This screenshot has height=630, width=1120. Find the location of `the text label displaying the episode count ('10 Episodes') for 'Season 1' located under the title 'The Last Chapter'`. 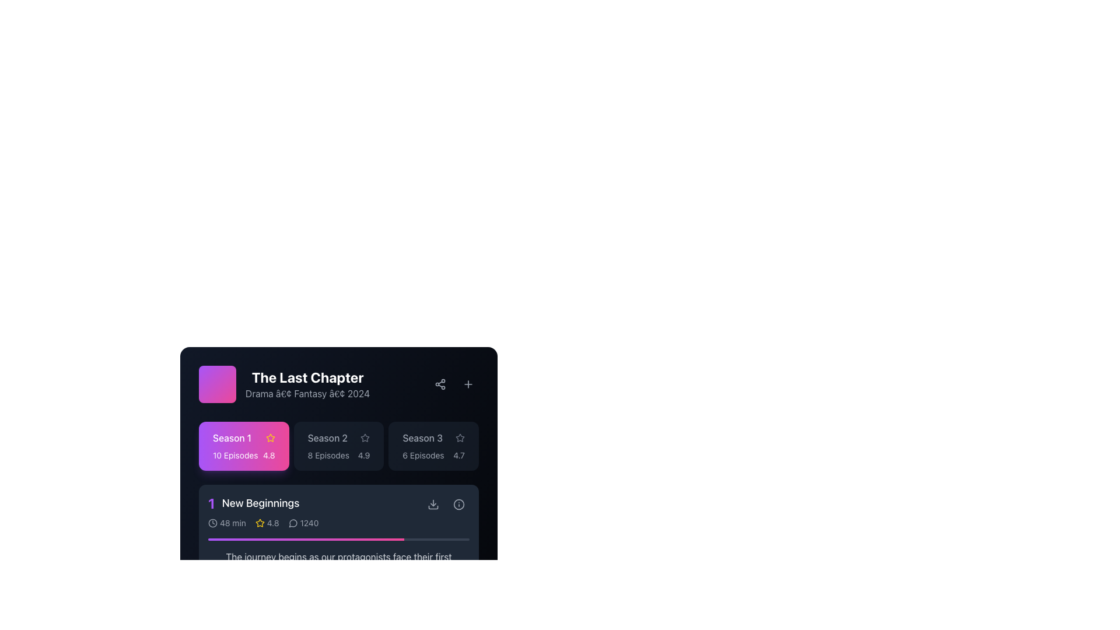

the text label displaying the episode count ('10 Episodes') for 'Season 1' located under the title 'The Last Chapter' is located at coordinates (235, 454).